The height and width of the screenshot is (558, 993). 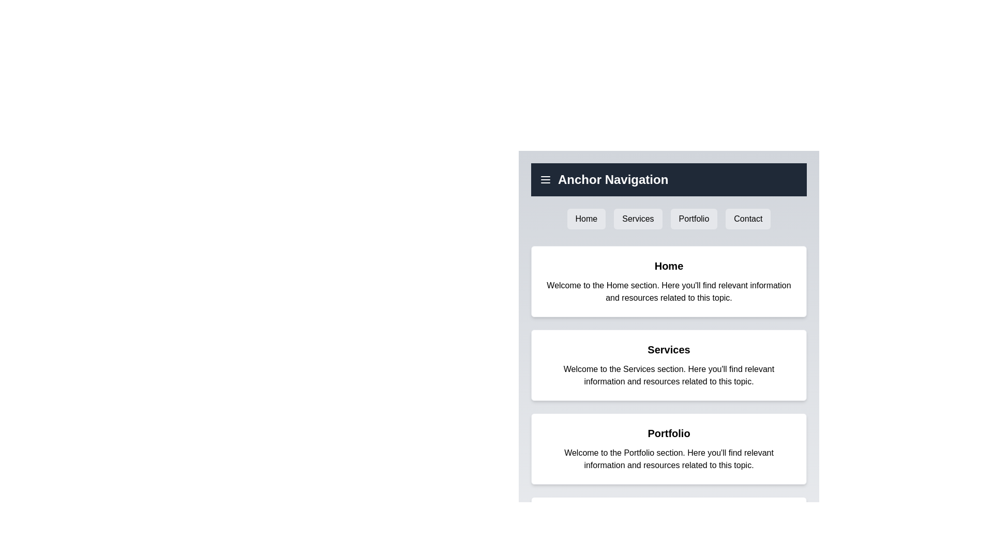 I want to click on the navigation bar containing the links 'Home', 'Services', 'Portfolio', and 'Contact', so click(x=669, y=219).